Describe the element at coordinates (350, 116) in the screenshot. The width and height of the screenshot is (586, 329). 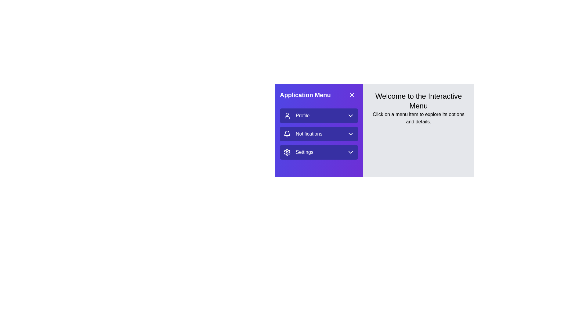
I see `the downward-pointing chevron icon located at the right end of the 'Profile' button in the vertical menu` at that location.